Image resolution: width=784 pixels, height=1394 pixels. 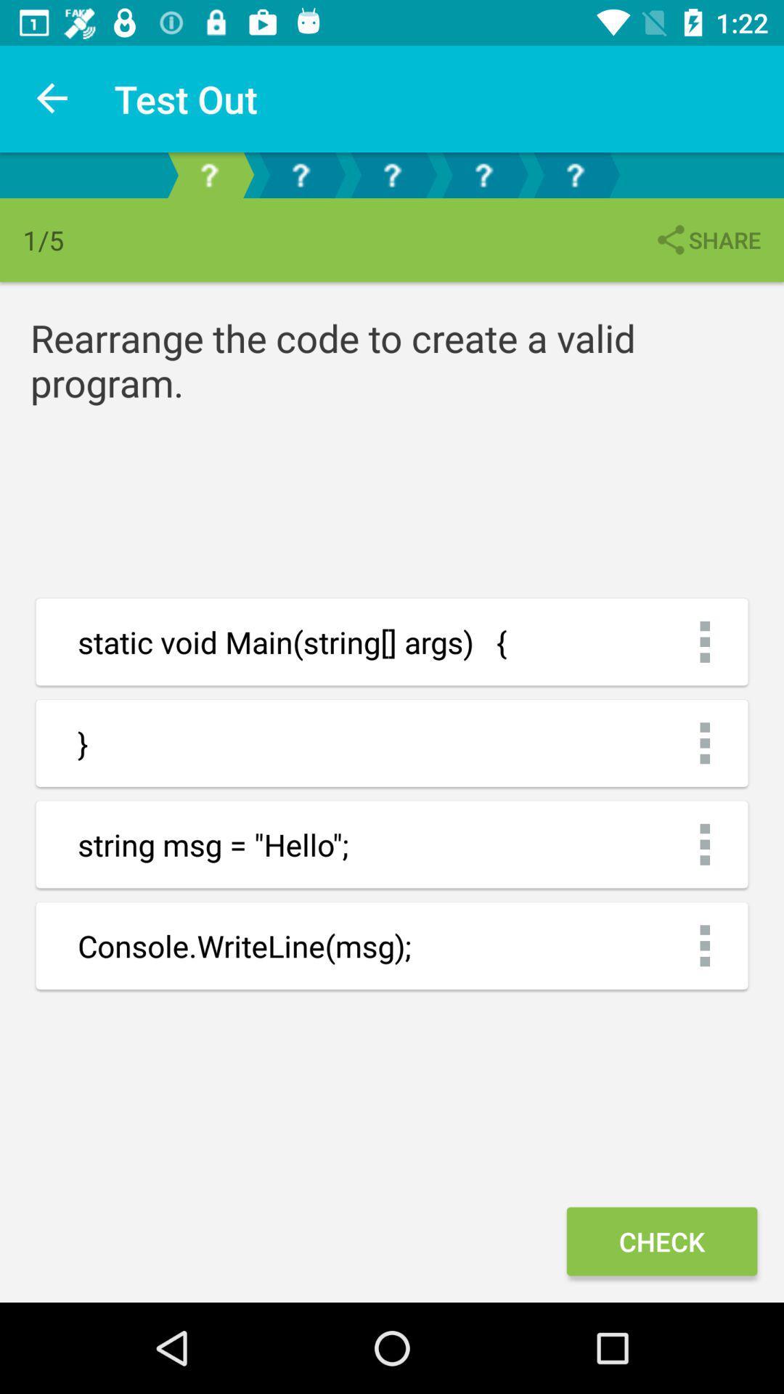 I want to click on the help icon, so click(x=392, y=174).